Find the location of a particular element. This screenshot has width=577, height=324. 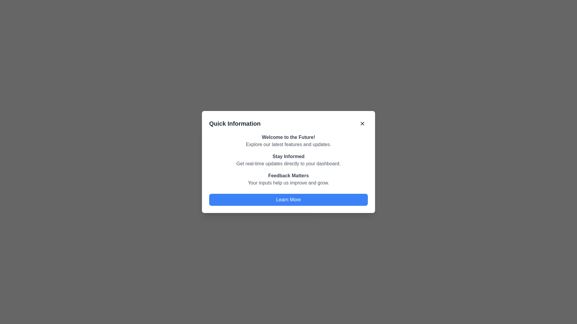

the Close icon (SVG element with a cross) located at the top right corner of the modal window is located at coordinates (362, 123).